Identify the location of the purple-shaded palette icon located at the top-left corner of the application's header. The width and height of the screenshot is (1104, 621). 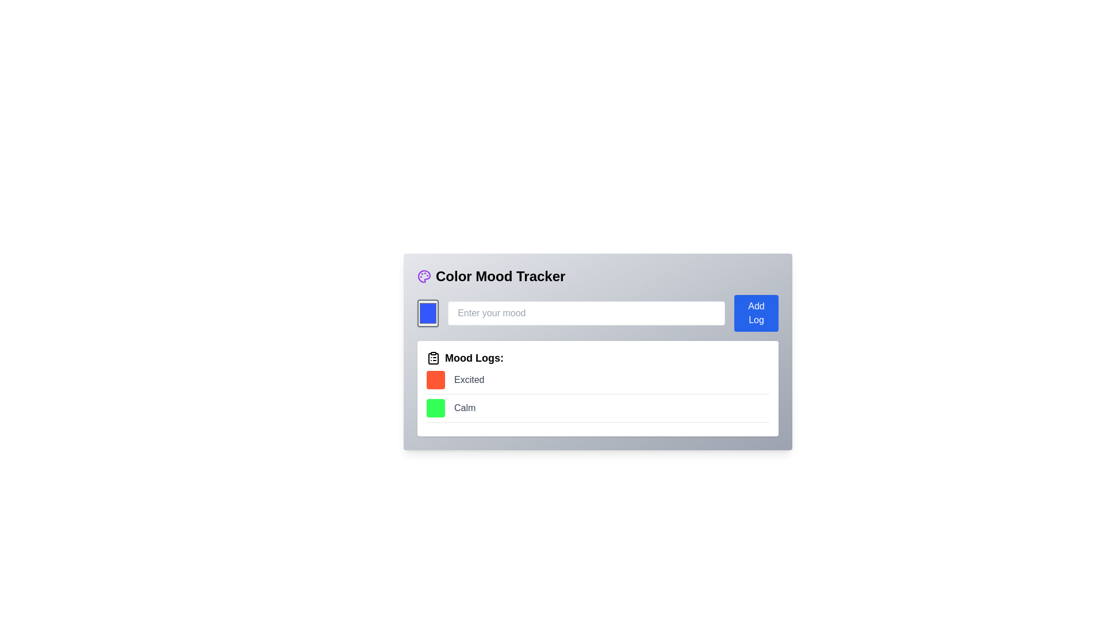
(424, 277).